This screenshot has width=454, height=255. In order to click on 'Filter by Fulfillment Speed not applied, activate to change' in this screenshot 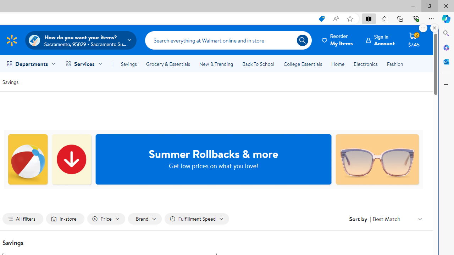, I will do `click(196, 219)`.